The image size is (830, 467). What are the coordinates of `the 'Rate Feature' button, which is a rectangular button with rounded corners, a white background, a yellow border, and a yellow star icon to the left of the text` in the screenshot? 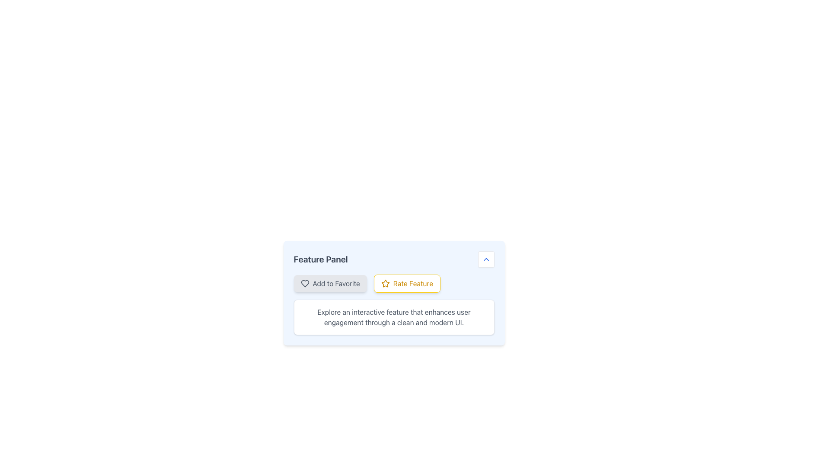 It's located at (406, 283).